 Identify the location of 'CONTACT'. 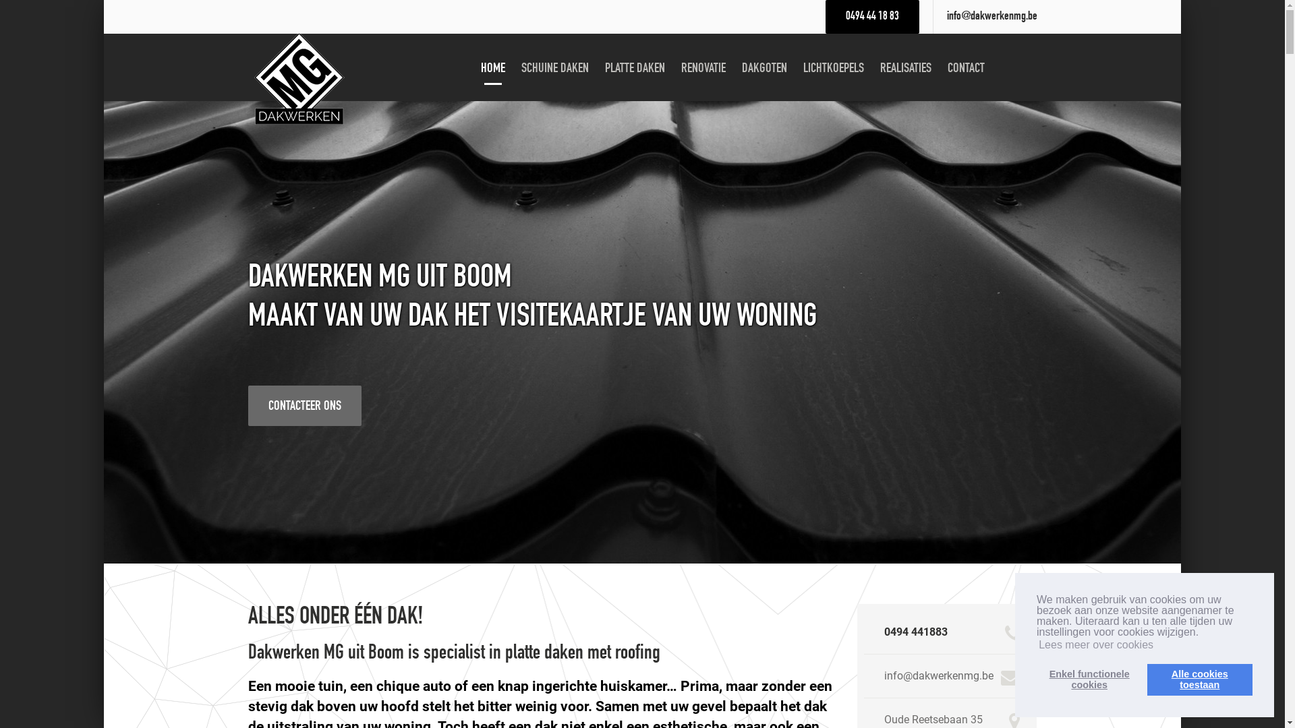
(965, 67).